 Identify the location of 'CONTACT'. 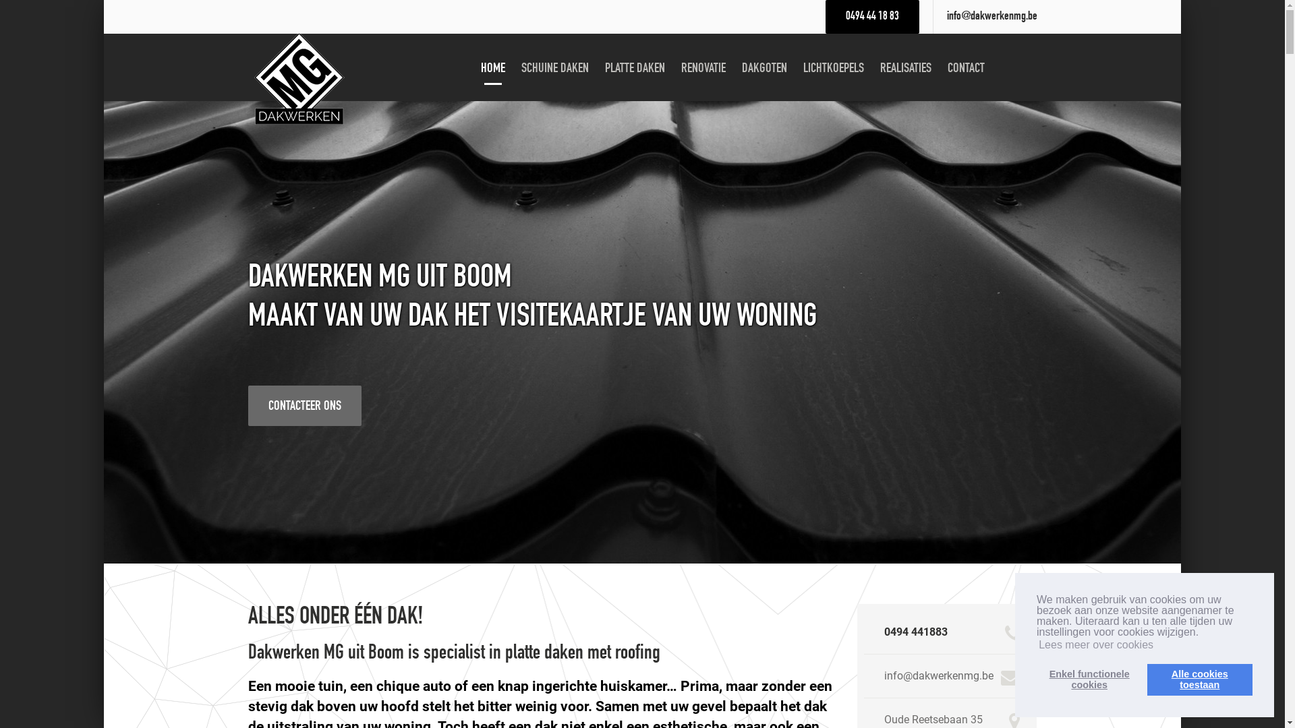
(965, 67).